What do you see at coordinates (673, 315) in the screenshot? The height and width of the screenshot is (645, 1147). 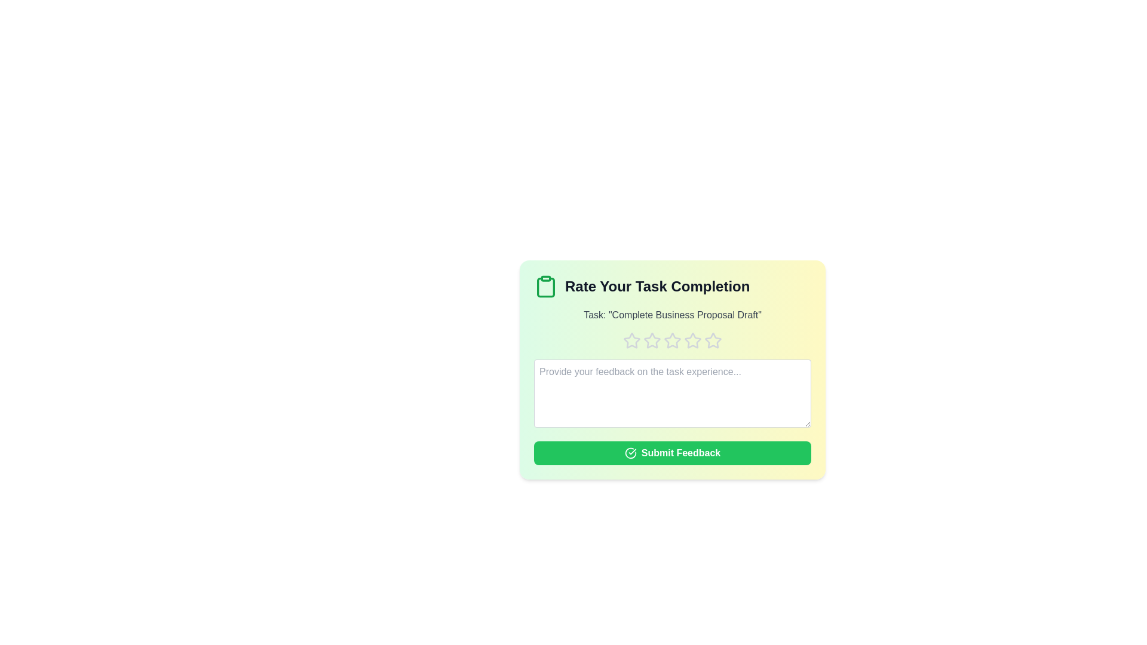 I see `the task description text` at bounding box center [673, 315].